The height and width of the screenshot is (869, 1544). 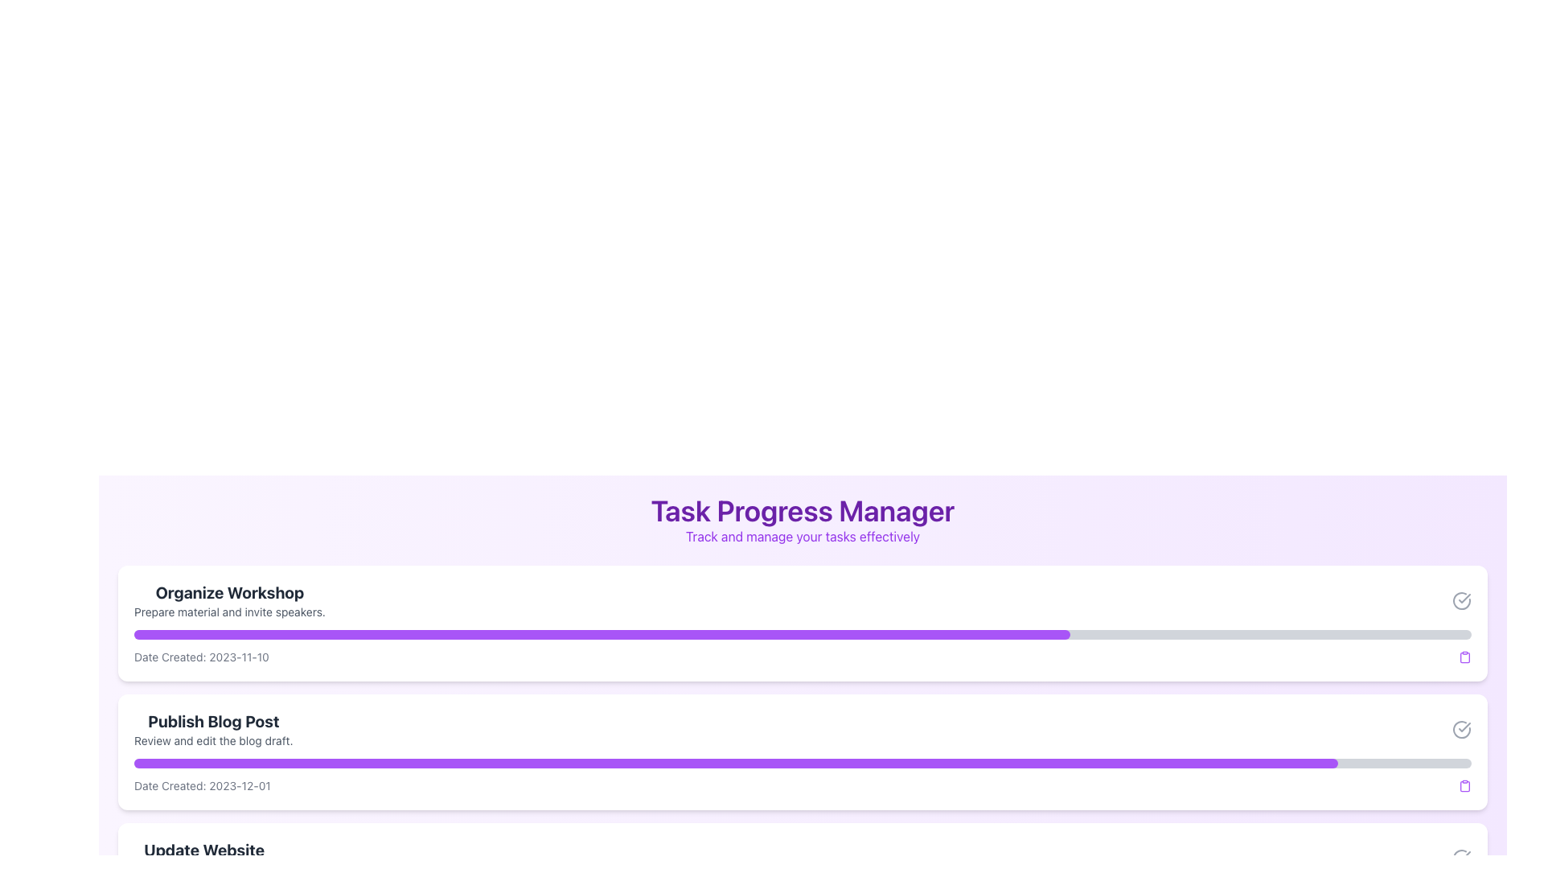 I want to click on the purple clipboard icon located at the bottom right corner of the 'Publish Blog Post' task card, so click(x=1465, y=785).